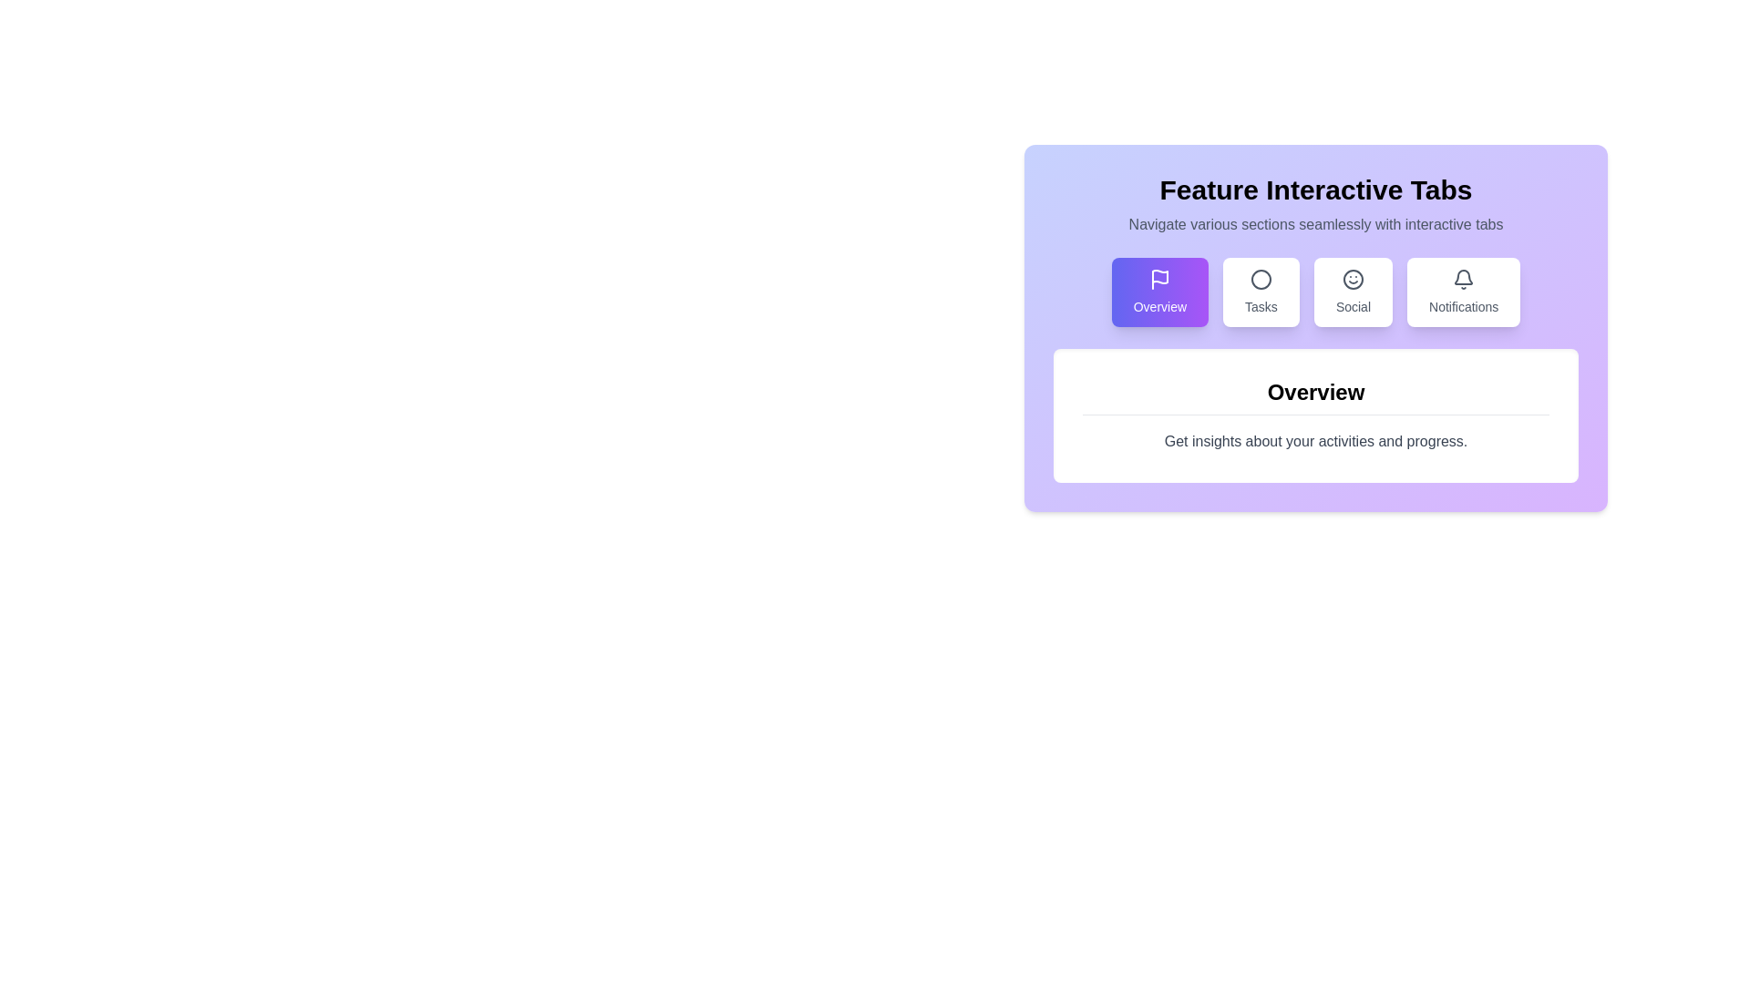 The width and height of the screenshot is (1750, 984). Describe the element at coordinates (1464, 305) in the screenshot. I see `text label displaying 'Notifications' located directly beneath the bell icon in the fourth tab of the top navigation panel` at that location.